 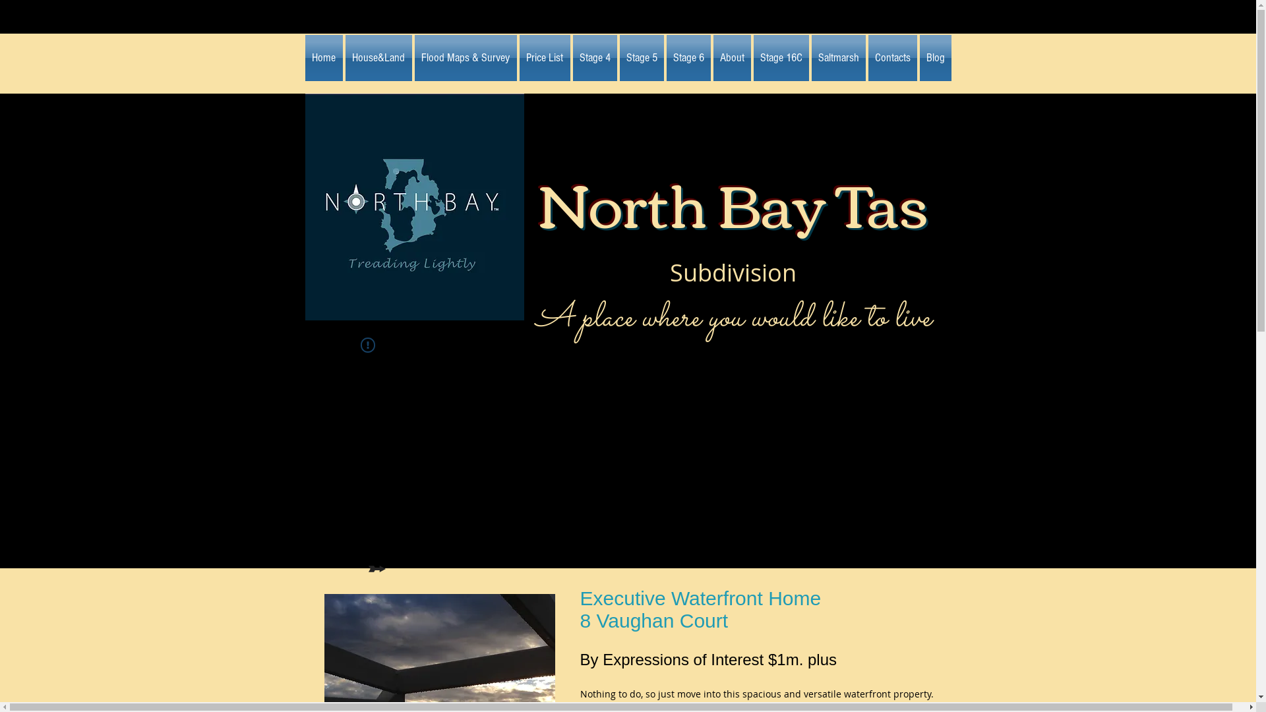 I want to click on 'Stage 6', so click(x=687, y=57).